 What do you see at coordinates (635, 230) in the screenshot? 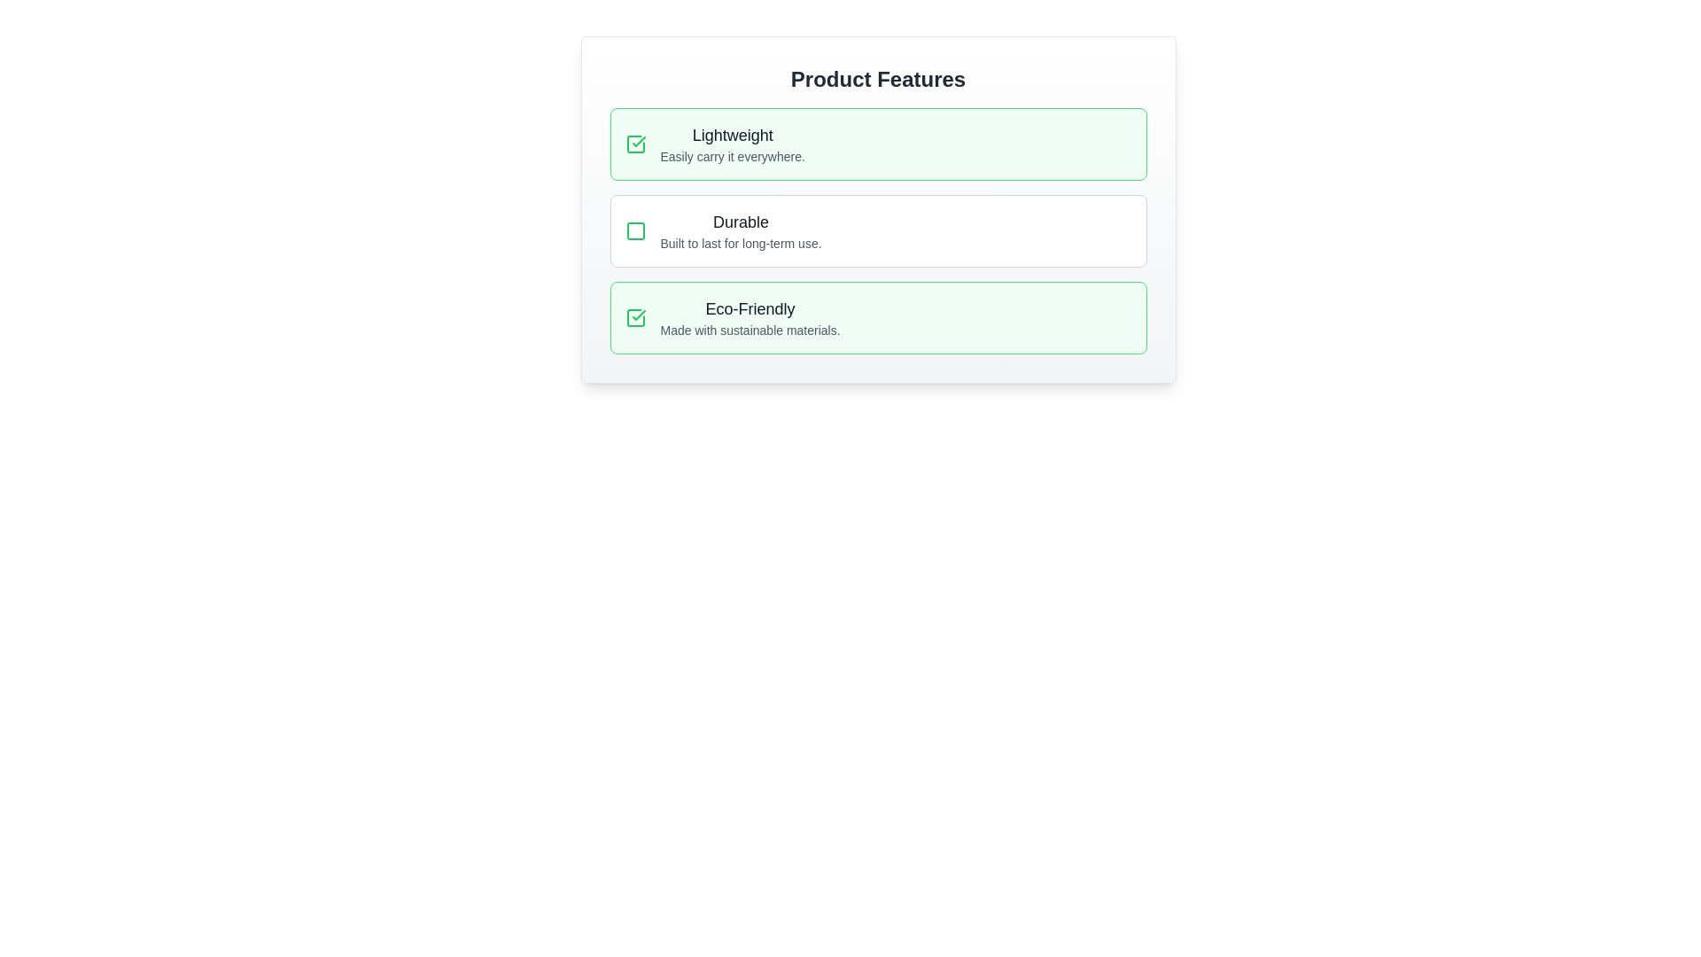
I see `the green square outline icon that serves as a bullet point for the 'Durable' label, located within the second feature card` at bounding box center [635, 230].